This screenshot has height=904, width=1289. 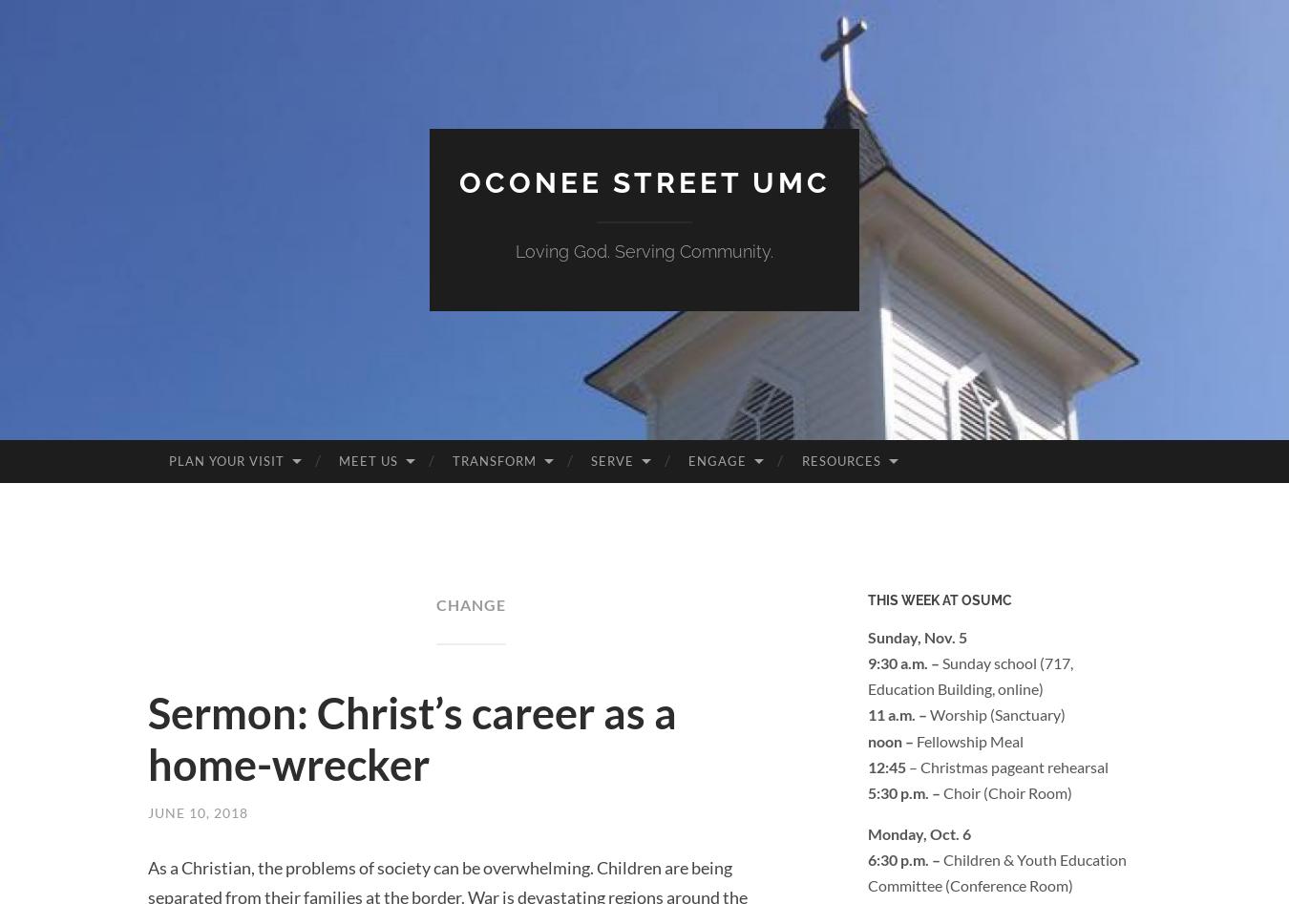 What do you see at coordinates (903, 661) in the screenshot?
I see `'9:30 a.m. –'` at bounding box center [903, 661].